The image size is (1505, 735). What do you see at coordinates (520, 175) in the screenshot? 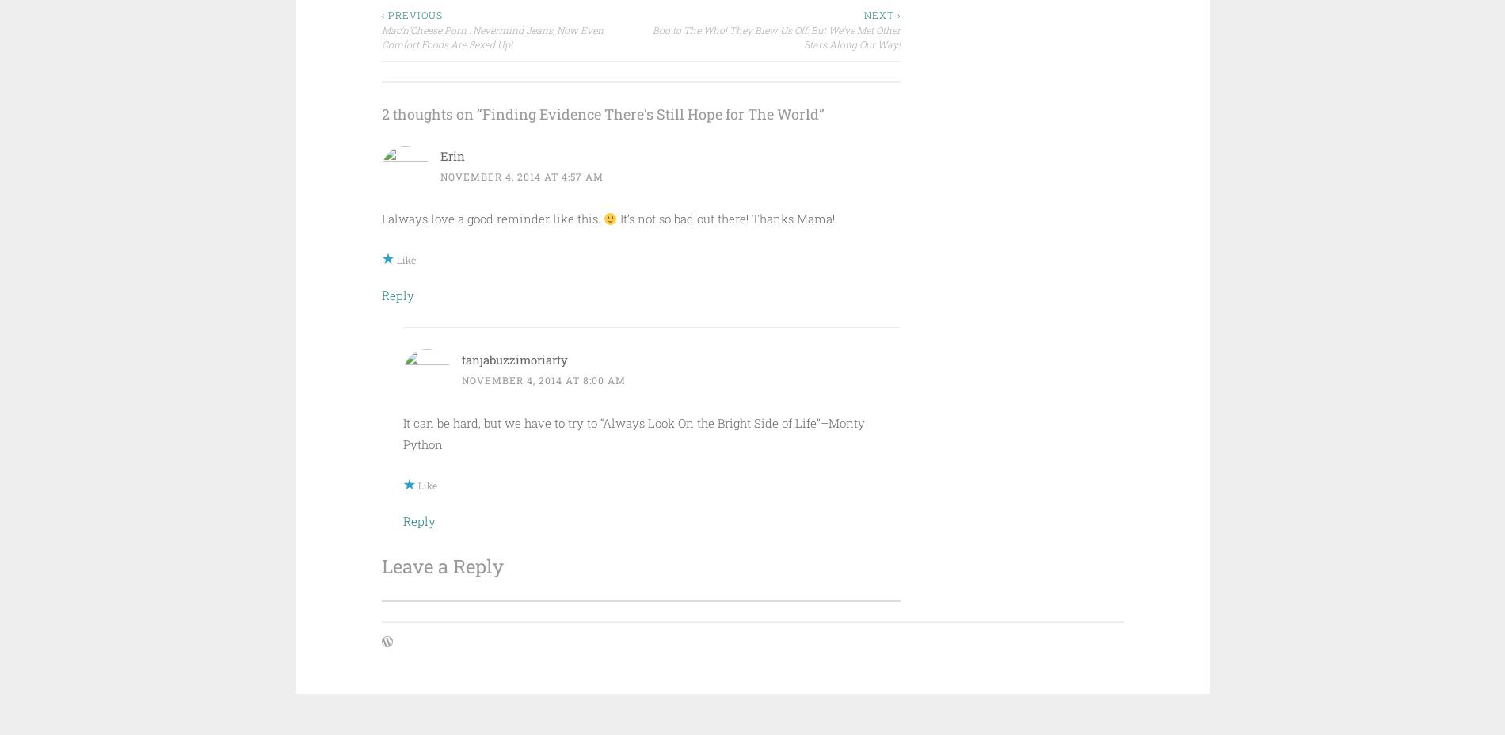
I see `'November 4, 2014 at 4:57 am'` at bounding box center [520, 175].